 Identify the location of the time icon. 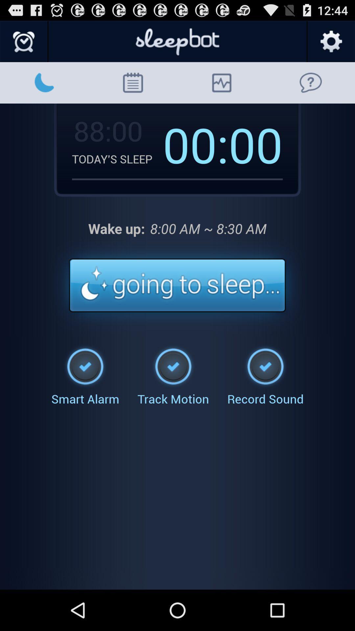
(24, 44).